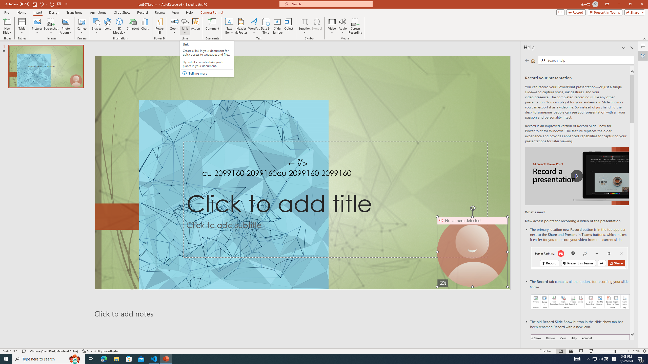  Describe the element at coordinates (643, 56) in the screenshot. I see `'Help'` at that location.